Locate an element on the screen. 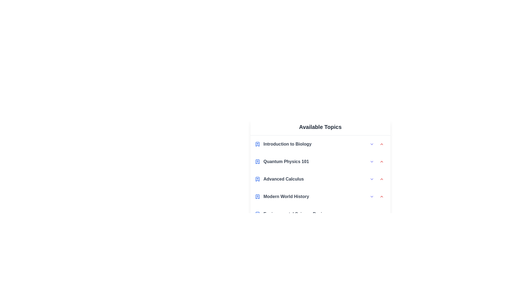 The height and width of the screenshot is (295, 525). the topic Environmental Science Basics to highlight it is located at coordinates (320, 214).